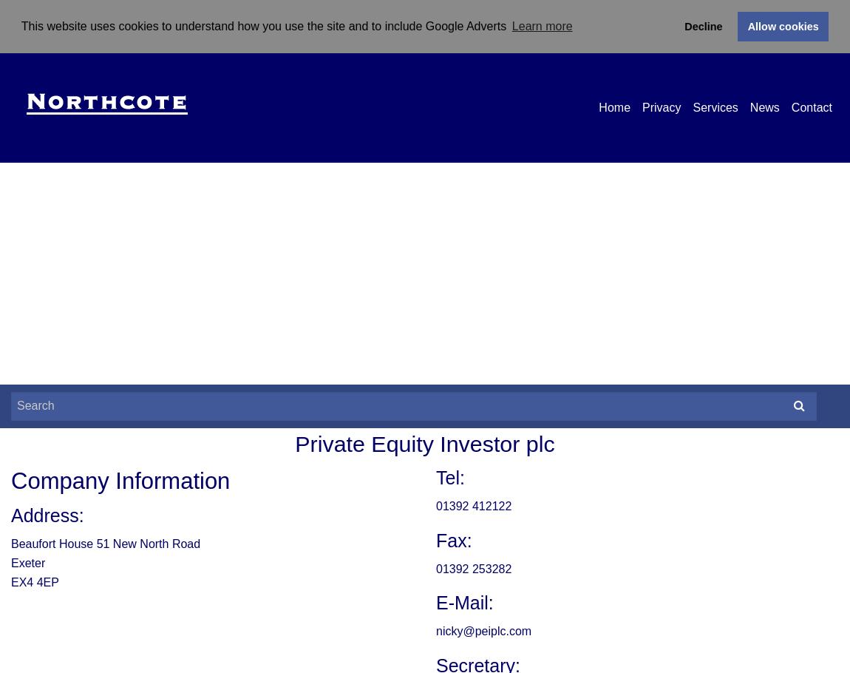 This screenshot has height=673, width=850. What do you see at coordinates (463, 602) in the screenshot?
I see `'E-Mail:'` at bounding box center [463, 602].